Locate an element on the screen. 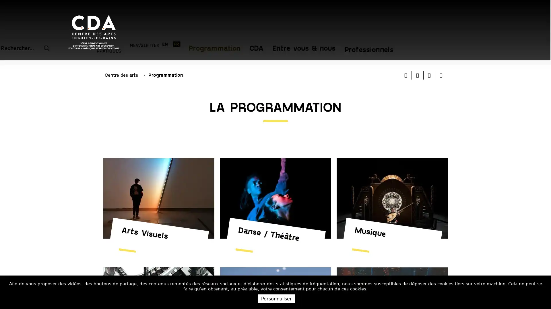 This screenshot has width=551, height=309. Personnaliser is located at coordinates (276, 298).